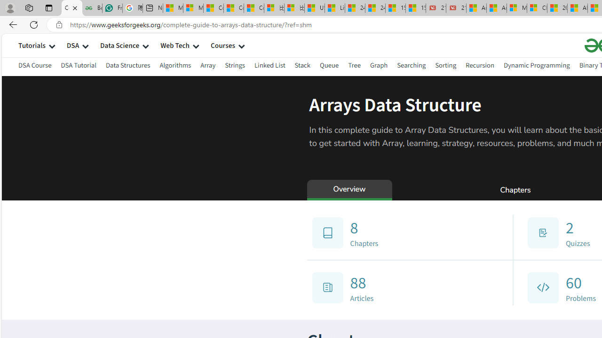  I want to click on 'Searching', so click(412, 66).